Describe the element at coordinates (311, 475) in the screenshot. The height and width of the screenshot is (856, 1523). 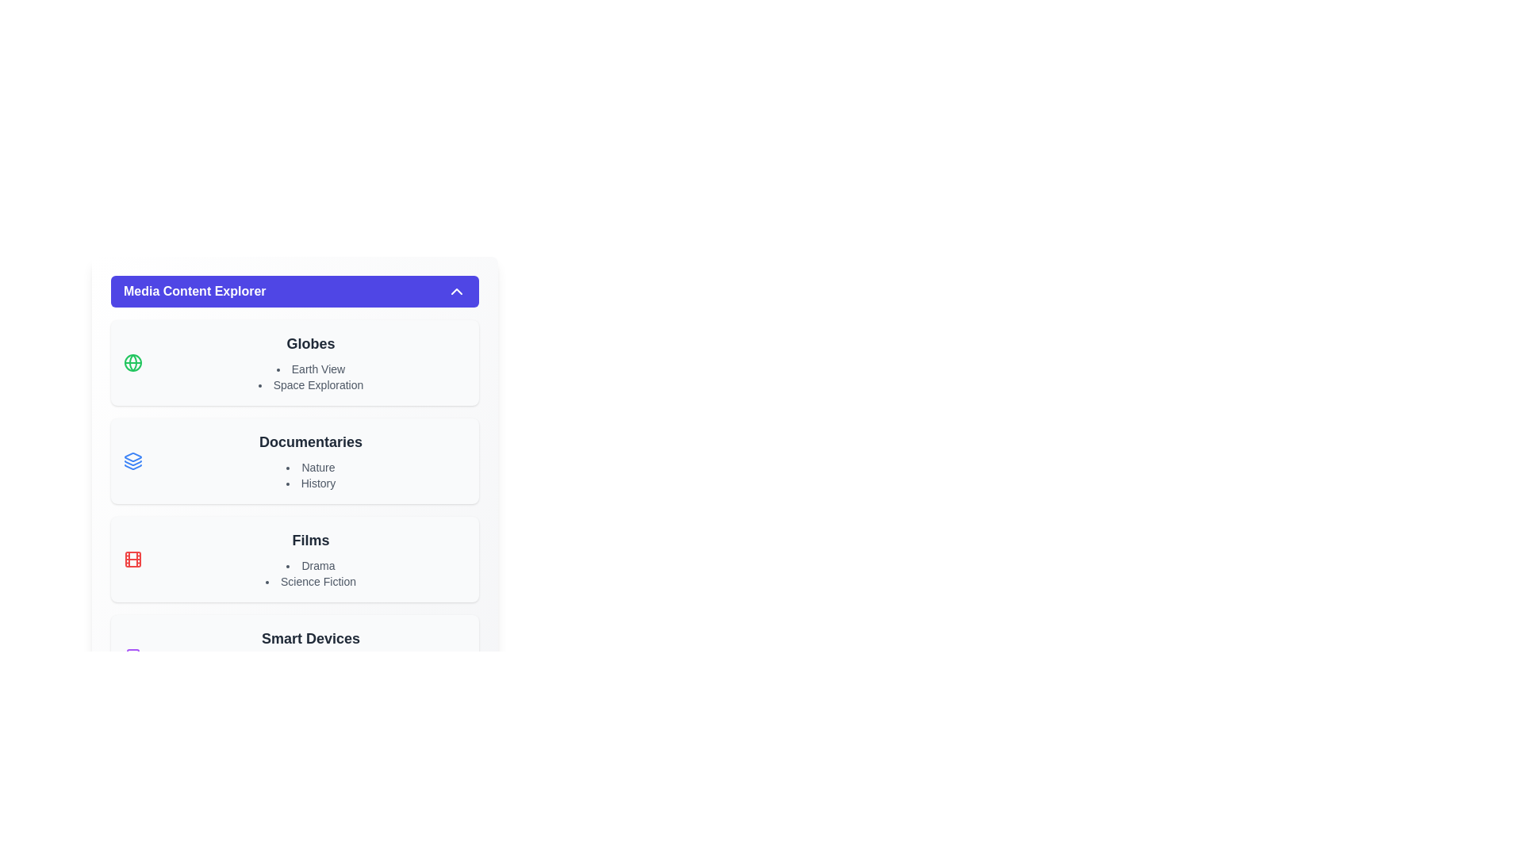
I see `the textual list element displaying the subcategories 'Nature' and 'History' located below the 'Documentaries' title` at that location.